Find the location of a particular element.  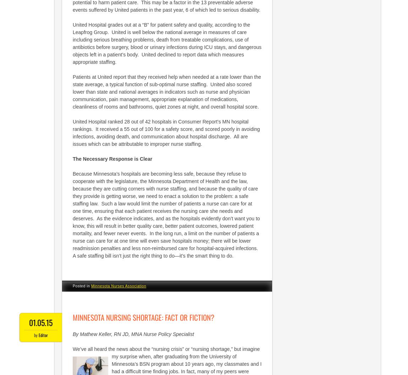

'Patients at United report that they received help when needed at a rate lower than the state average, a typical function of sub-optimal nurse staffing.  United also scored lower than state and national averages in indicators such as nurse and physician communication, pain management, appropriate explanation of medications, cleanliness of rooms and bathrooms, quiet zones at night, and overall hospital score.' is located at coordinates (167, 91).